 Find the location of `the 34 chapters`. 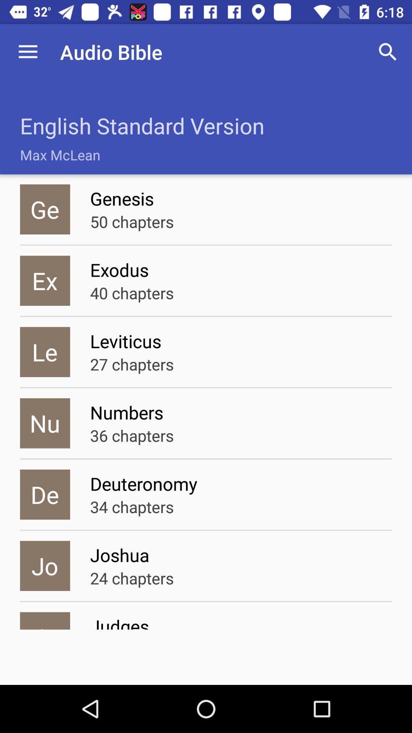

the 34 chapters is located at coordinates (132, 507).